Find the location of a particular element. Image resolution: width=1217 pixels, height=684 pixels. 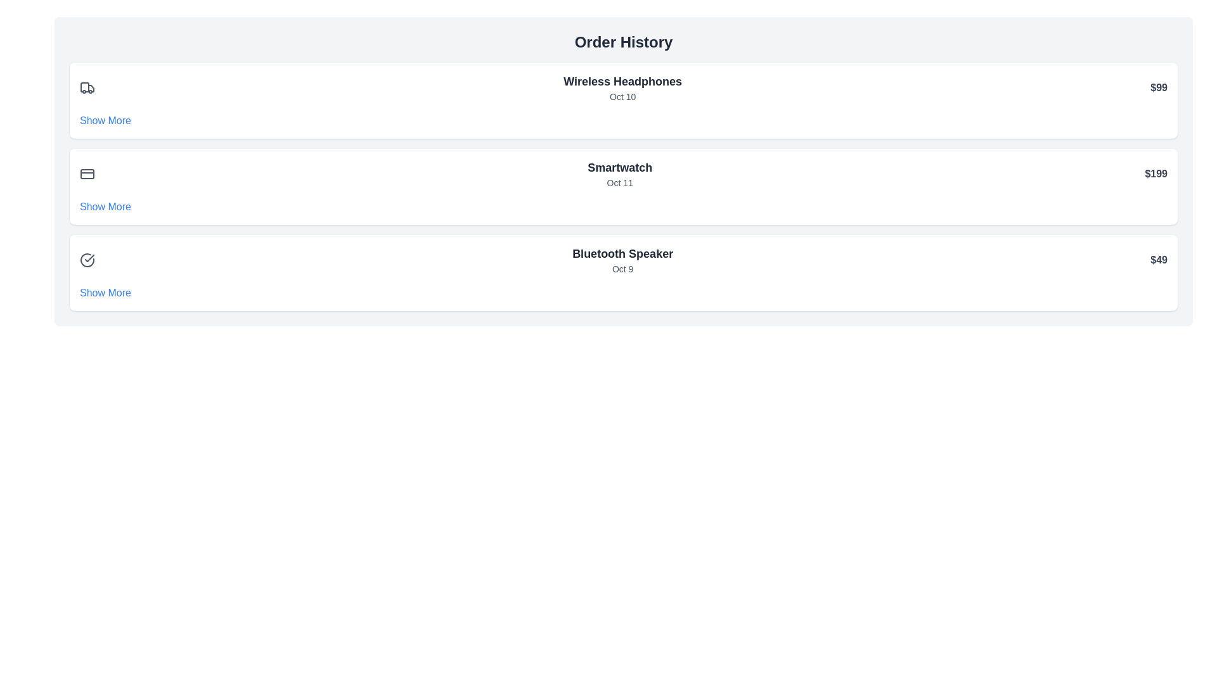

the heading text element that indicates the title of an item in the order history list, located under 'Order History' and above the date 'Oct 10' is located at coordinates (622, 81).